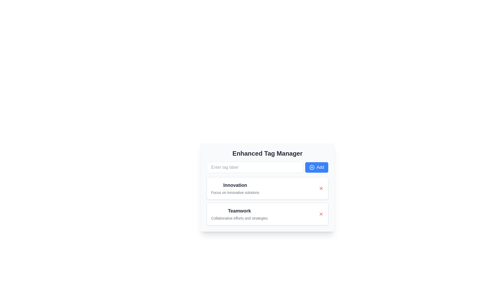  Describe the element at coordinates (312, 167) in the screenshot. I see `the circular blue icon with a plus symbol in the center, located to the left of the 'Add' text label in the blue button at the upper-right corner of the 'Enhanced Tag Manager' box` at that location.